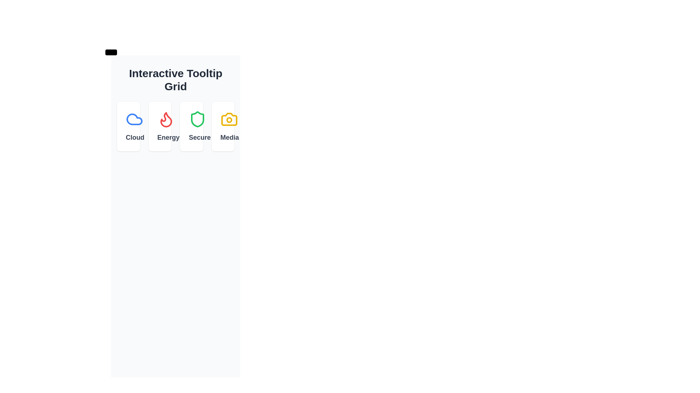 This screenshot has height=393, width=700. I want to click on keyboard navigation, so click(175, 126).